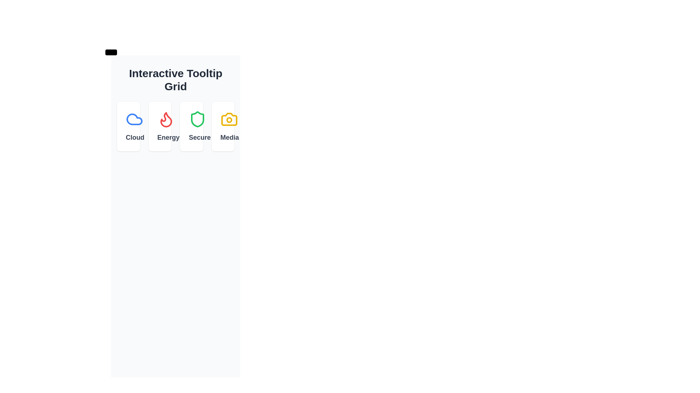 This screenshot has height=393, width=700. I want to click on keyboard navigation, so click(175, 126).